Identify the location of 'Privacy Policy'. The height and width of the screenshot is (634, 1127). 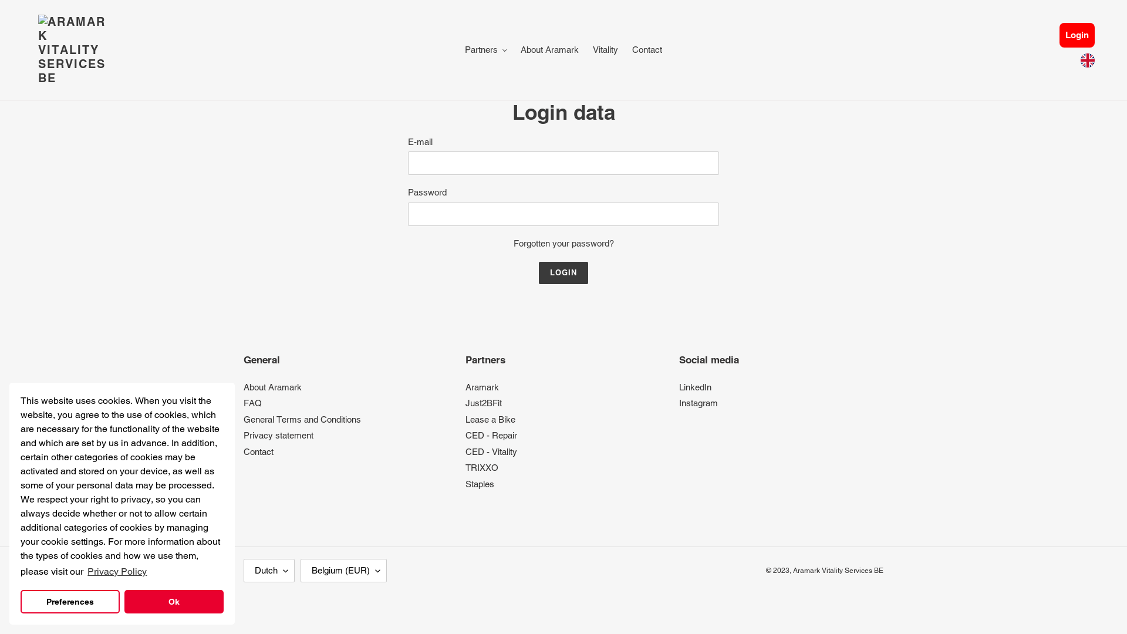
(117, 571).